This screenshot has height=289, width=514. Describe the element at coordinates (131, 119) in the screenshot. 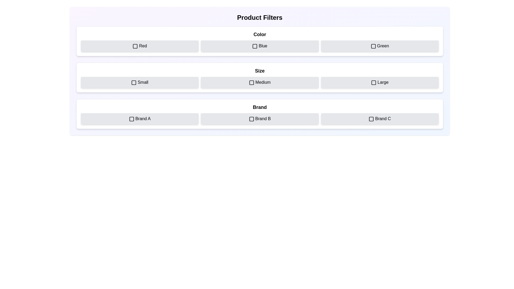

I see `the checkbox` at that location.